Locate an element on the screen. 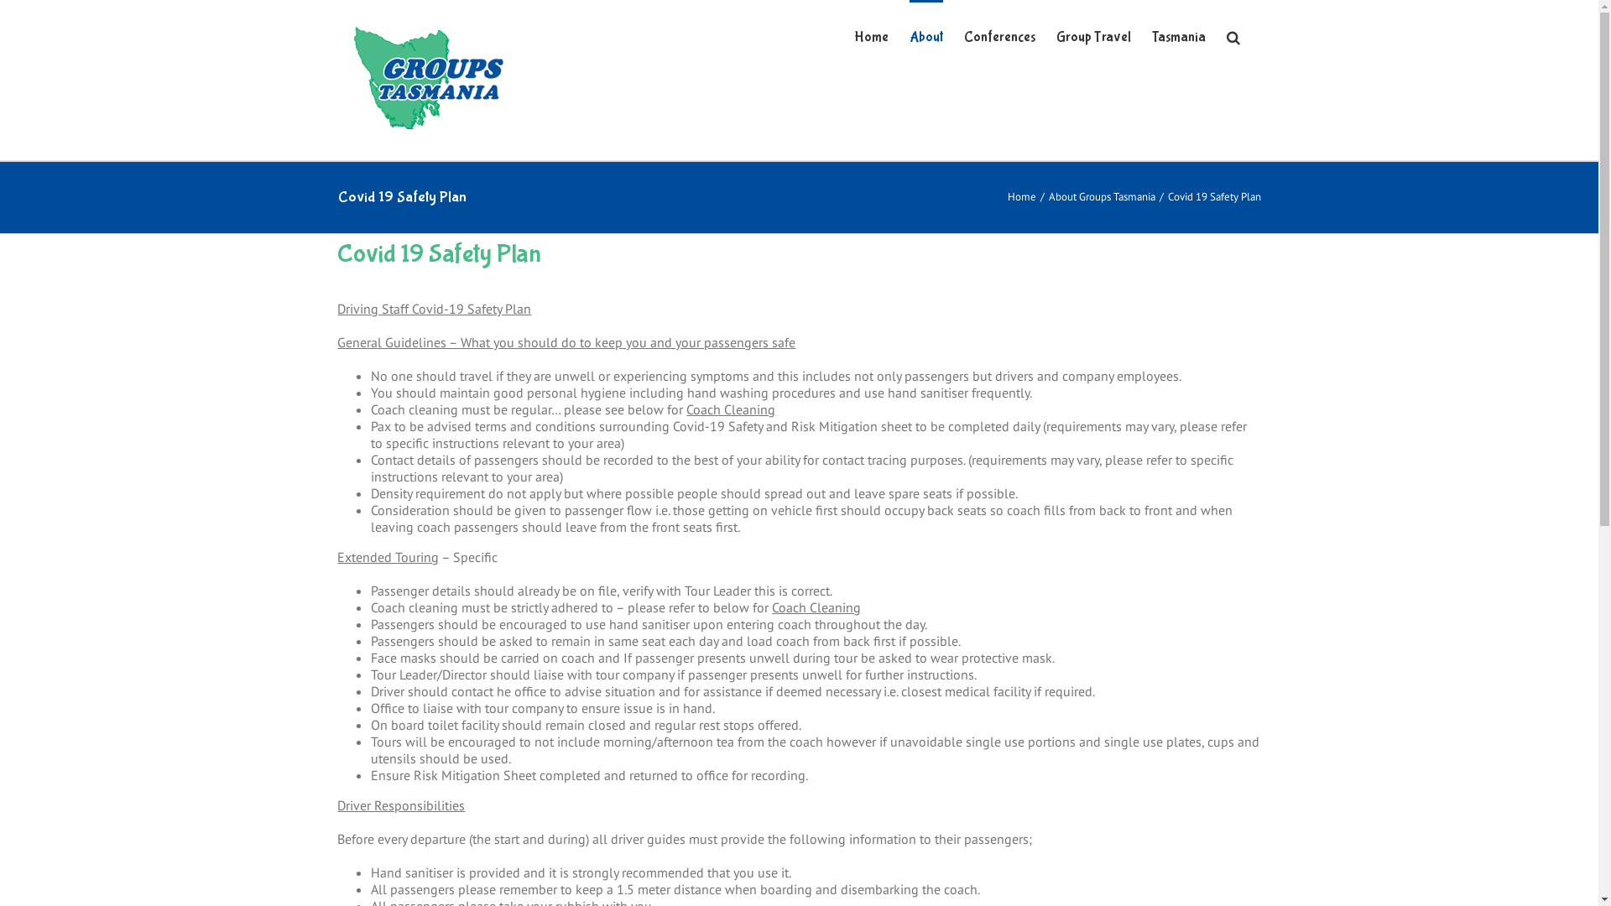 This screenshot has height=906, width=1611. 'About Groups Tasmania' is located at coordinates (1102, 195).